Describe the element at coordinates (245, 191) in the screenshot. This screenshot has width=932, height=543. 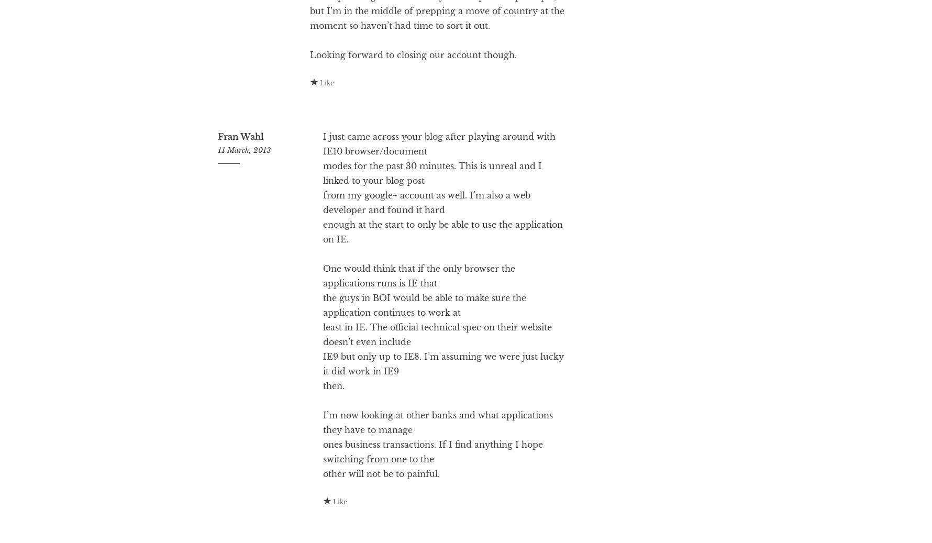
I see `'11 March, 2013'` at that location.